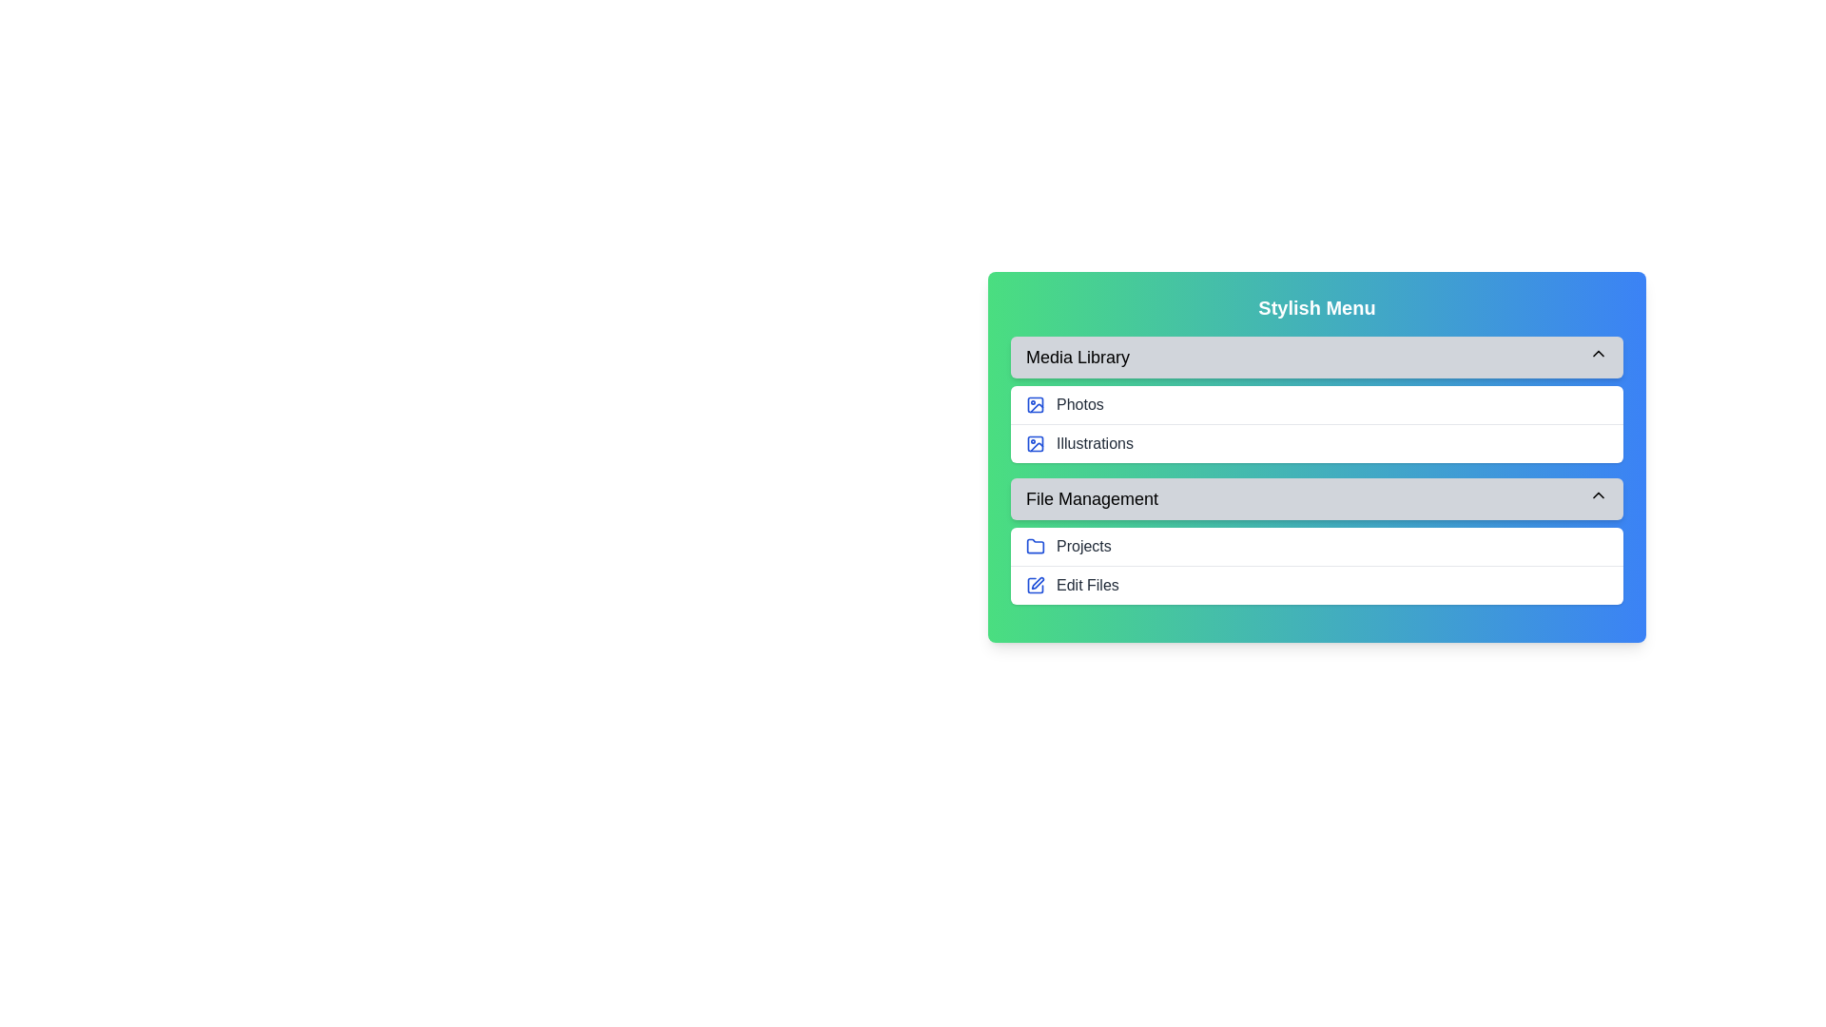  What do you see at coordinates (1316, 541) in the screenshot?
I see `the 'Edit Files' option in the Dropdown menu under the 'File Management' category of the Stylish Menu` at bounding box center [1316, 541].